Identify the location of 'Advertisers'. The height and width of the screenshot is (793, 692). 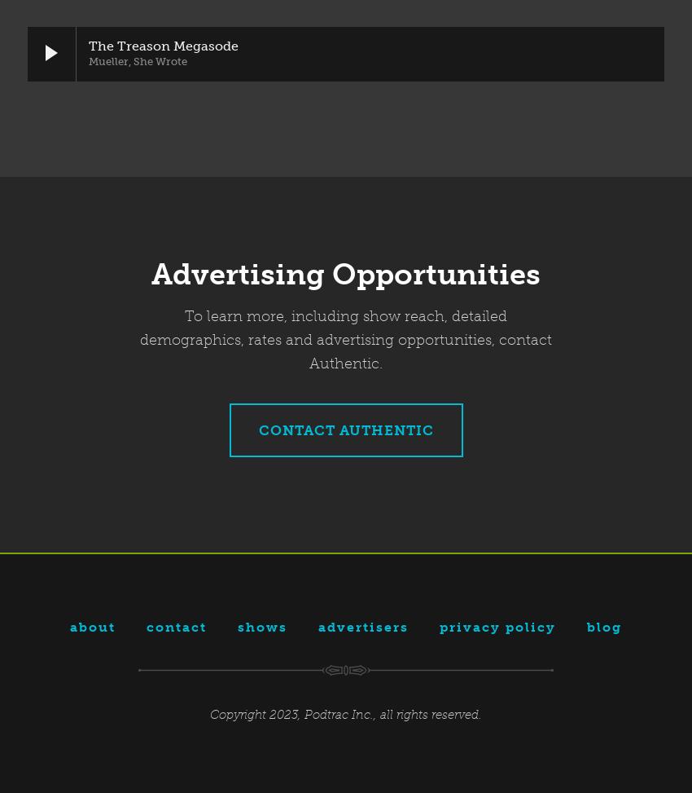
(362, 625).